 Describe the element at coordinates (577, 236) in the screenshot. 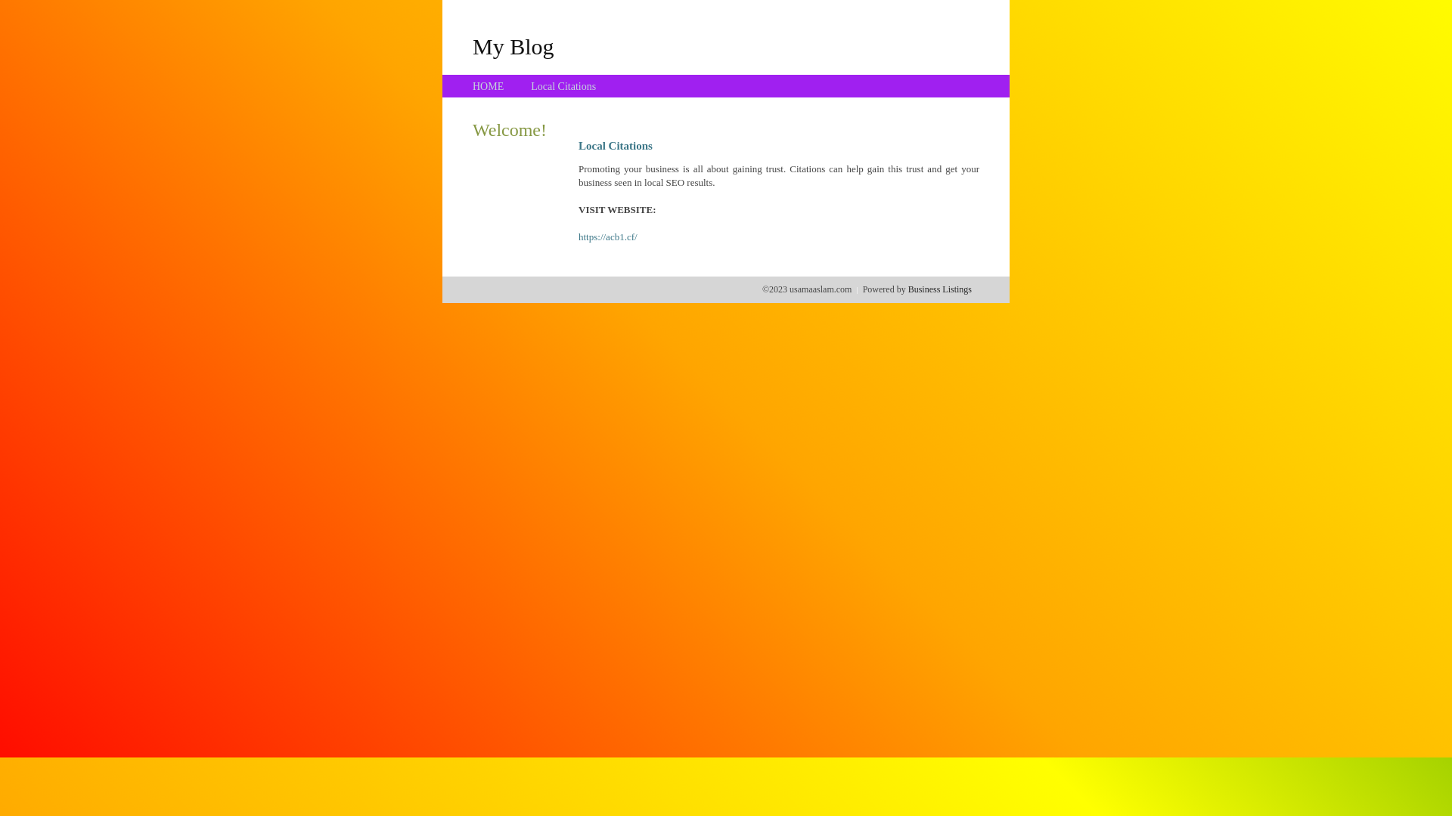

I see `'https://acb1.cf/'` at that location.